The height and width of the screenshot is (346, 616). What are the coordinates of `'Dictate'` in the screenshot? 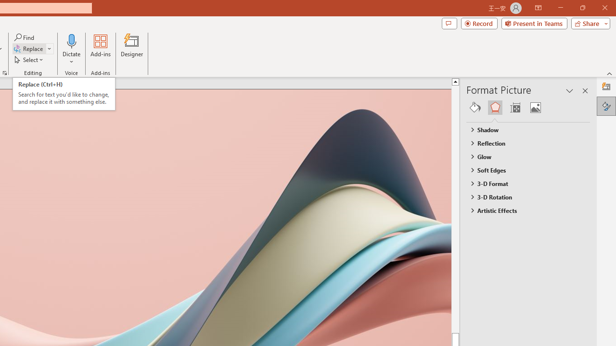 It's located at (71, 40).